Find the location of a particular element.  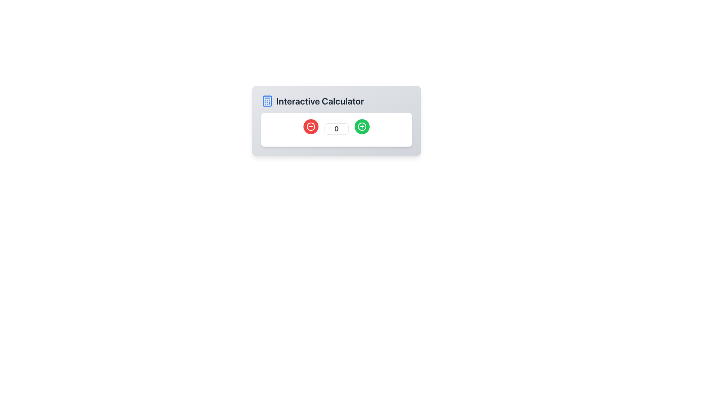

the text label that serves as a title for the interactive calculator, positioned centrally and above the section with red and green circular buttons is located at coordinates (320, 101).